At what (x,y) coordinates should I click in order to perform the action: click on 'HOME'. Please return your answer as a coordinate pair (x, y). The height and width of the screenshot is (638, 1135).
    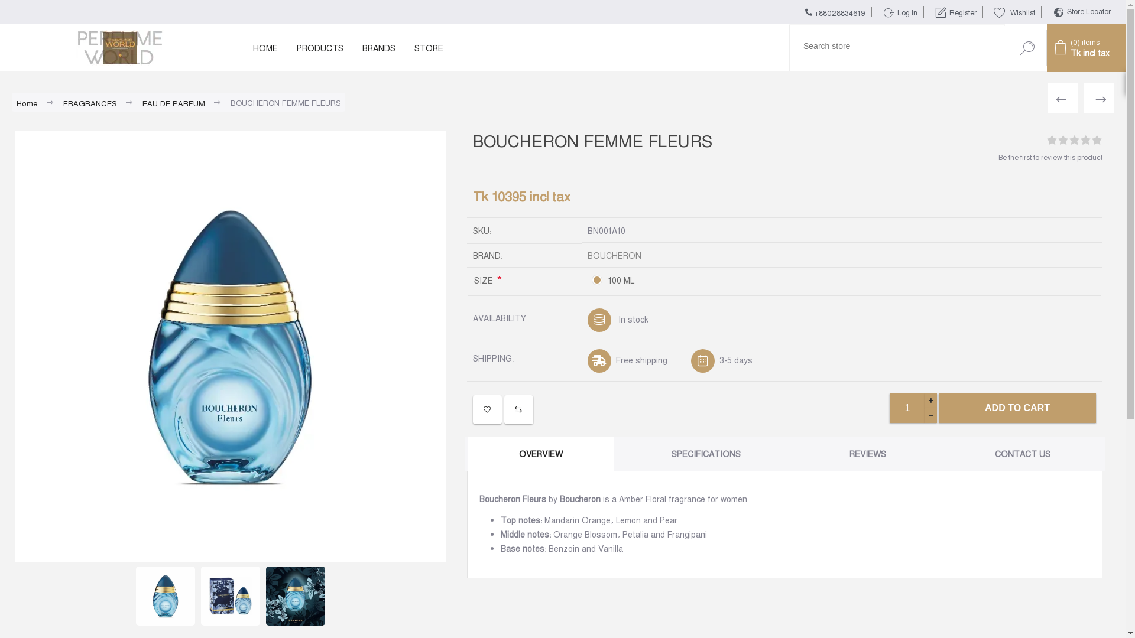
    Looking at the image, I should click on (265, 47).